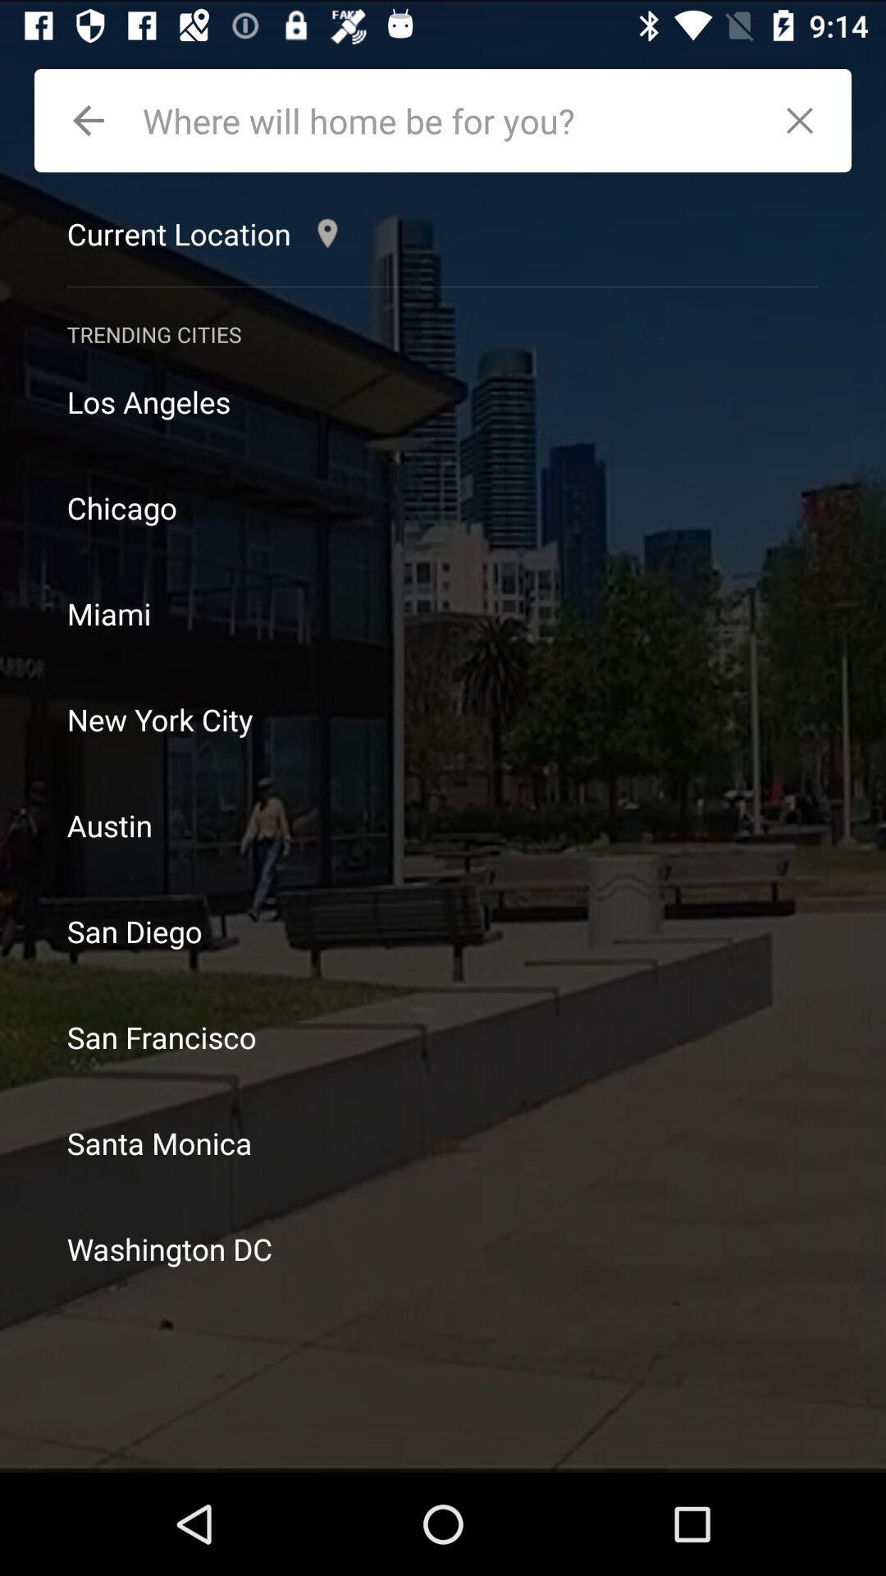  I want to click on icon above the san francisco item, so click(443, 931).